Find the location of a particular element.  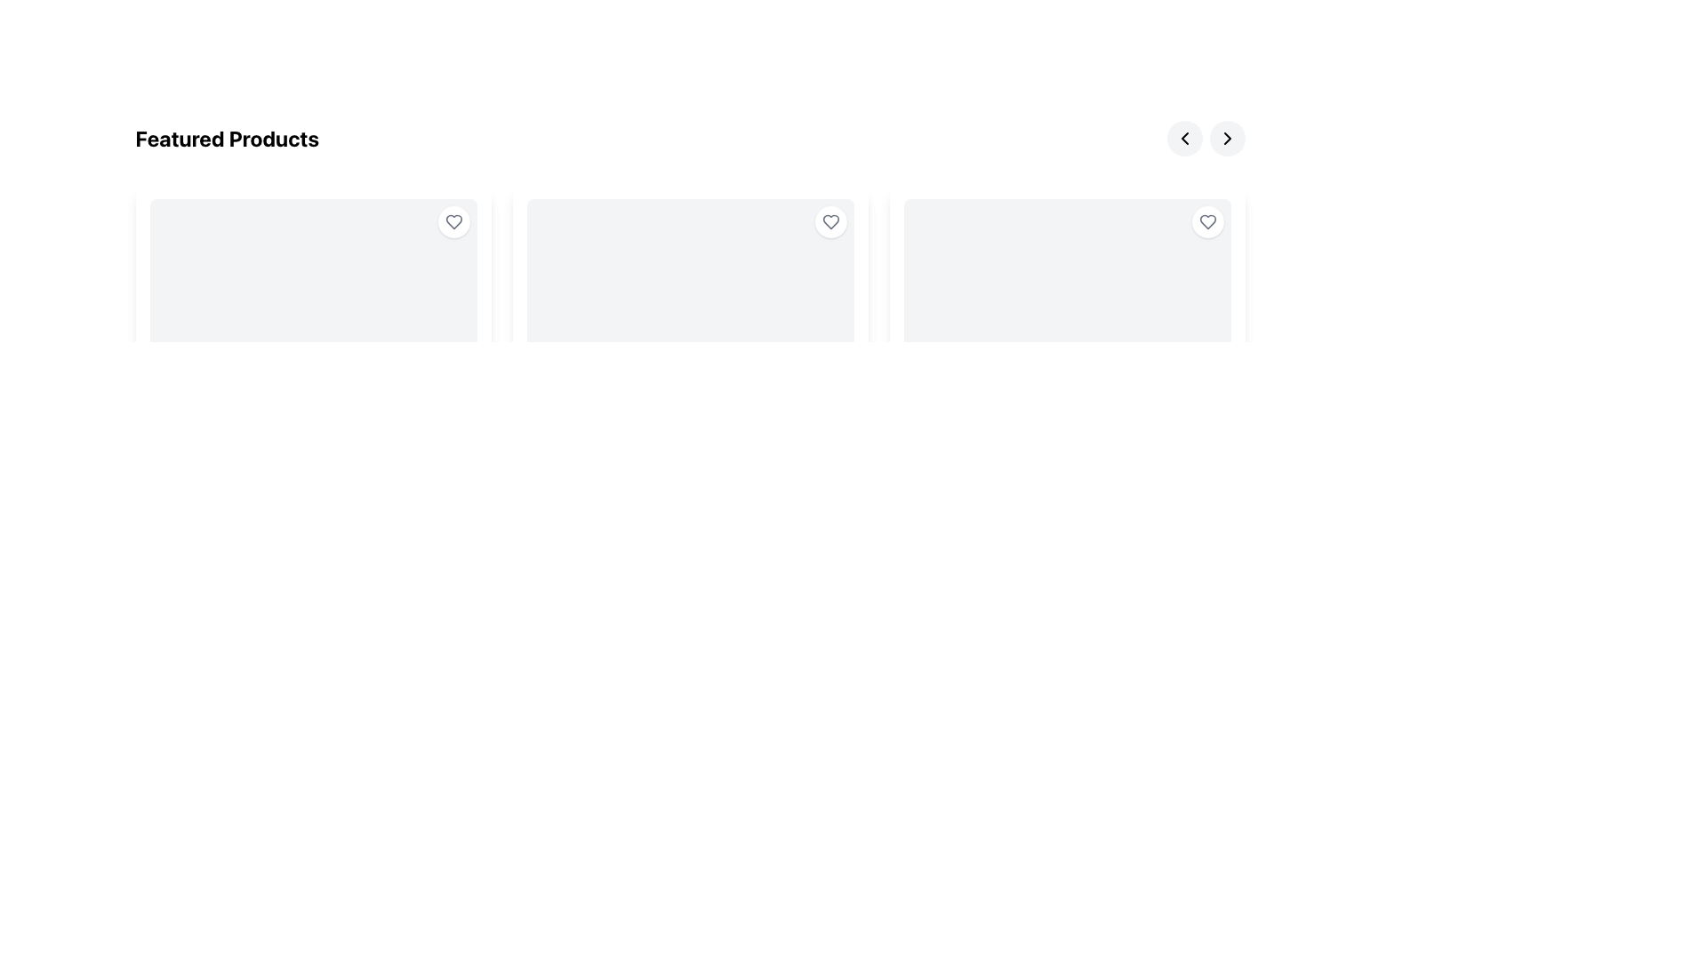

the navigation button located at the top-right area of the interface is located at coordinates (1226, 137).